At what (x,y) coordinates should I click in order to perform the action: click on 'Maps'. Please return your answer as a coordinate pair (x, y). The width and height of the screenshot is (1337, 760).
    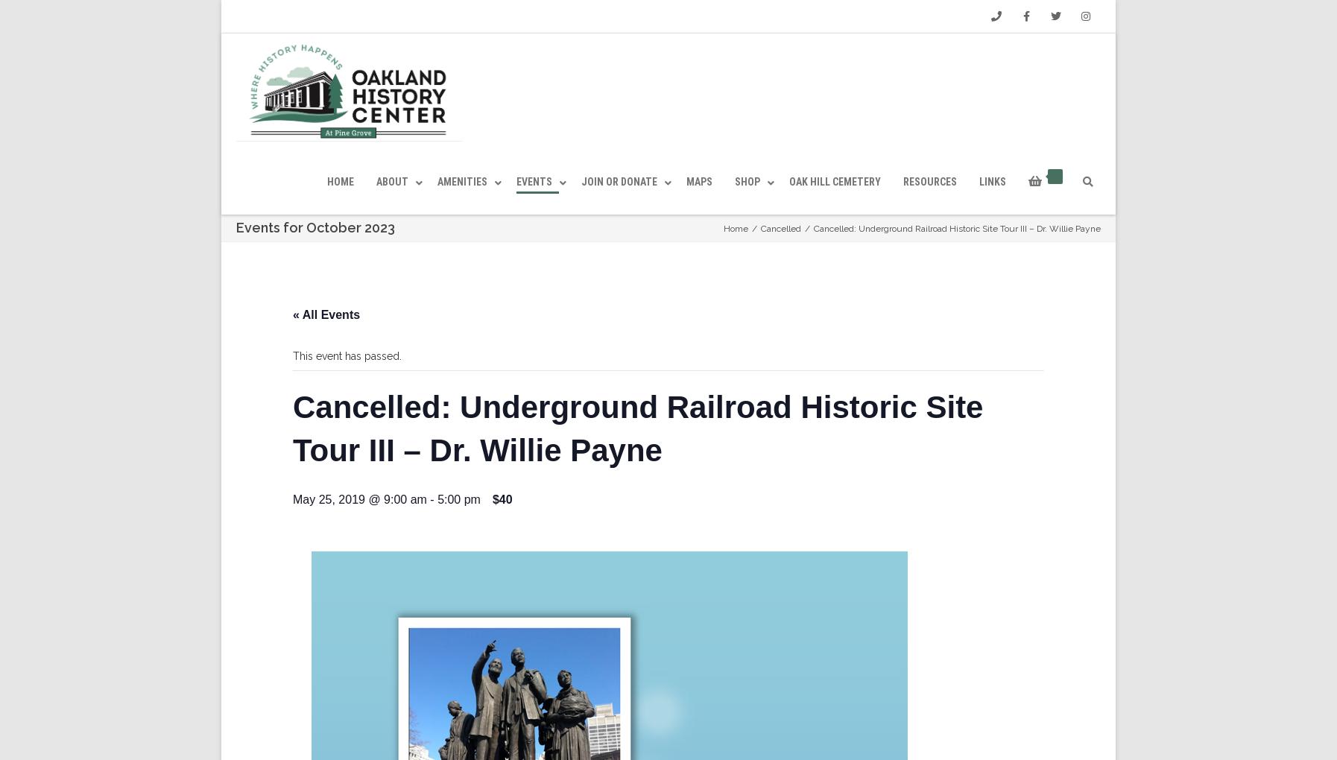
    Looking at the image, I should click on (698, 214).